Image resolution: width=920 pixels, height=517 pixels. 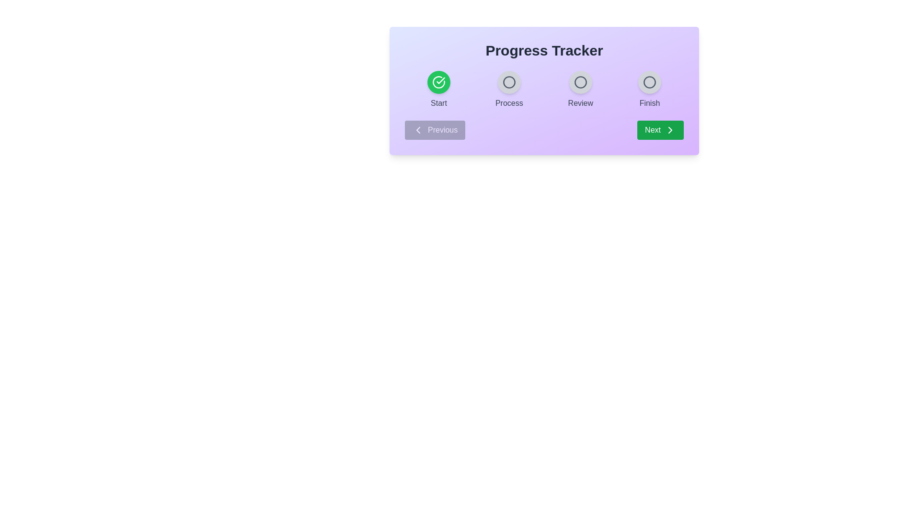 I want to click on the state of the circular progress step button located above the 'Review' text in the progress tracker UI, so click(x=580, y=82).